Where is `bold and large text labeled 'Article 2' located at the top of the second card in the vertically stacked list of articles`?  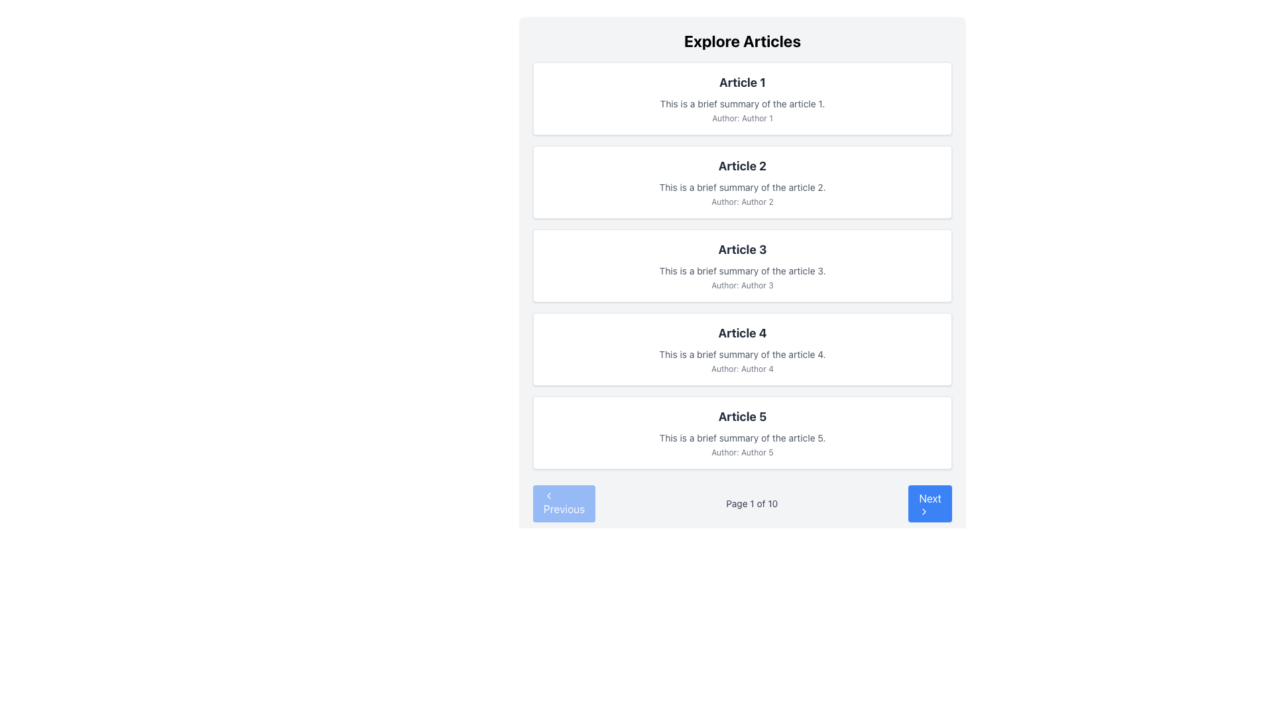
bold and large text labeled 'Article 2' located at the top of the second card in the vertically stacked list of articles is located at coordinates (741, 165).